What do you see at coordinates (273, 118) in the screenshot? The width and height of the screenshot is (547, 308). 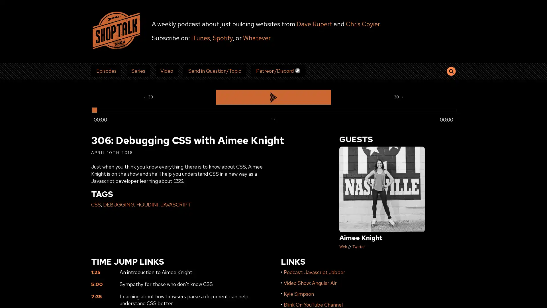 I see `1` at bounding box center [273, 118].